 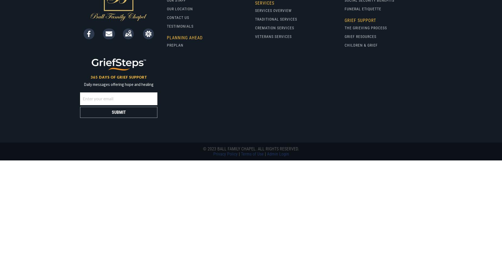 What do you see at coordinates (255, 19) in the screenshot?
I see `'TRADITIONAL SERVICES'` at bounding box center [255, 19].